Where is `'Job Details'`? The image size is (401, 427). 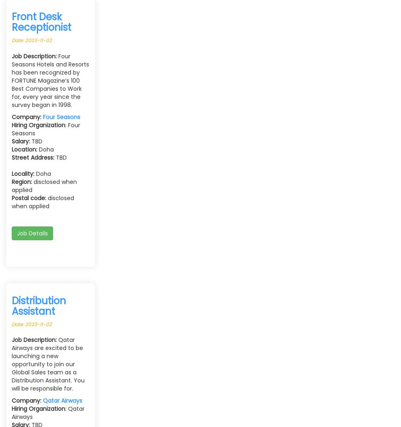
'Job Details' is located at coordinates (32, 233).